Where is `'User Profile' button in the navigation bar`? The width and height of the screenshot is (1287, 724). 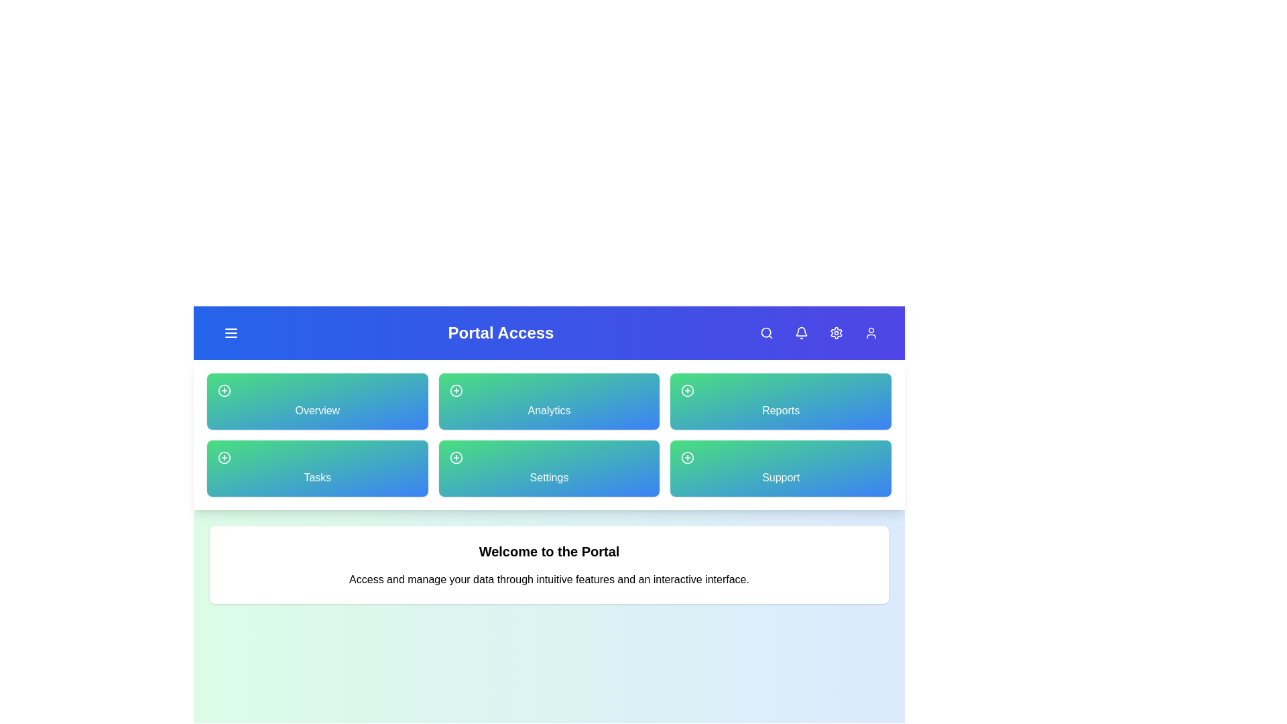 'User Profile' button in the navigation bar is located at coordinates (871, 333).